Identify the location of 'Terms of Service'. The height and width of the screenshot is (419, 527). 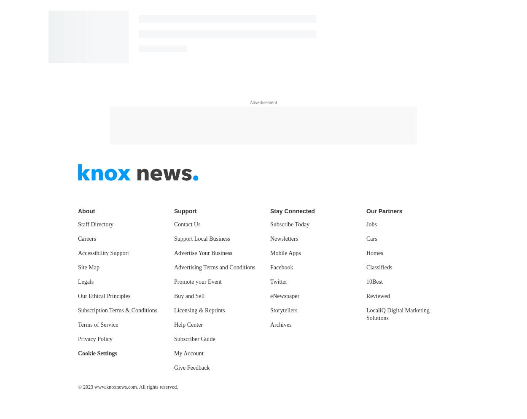
(78, 324).